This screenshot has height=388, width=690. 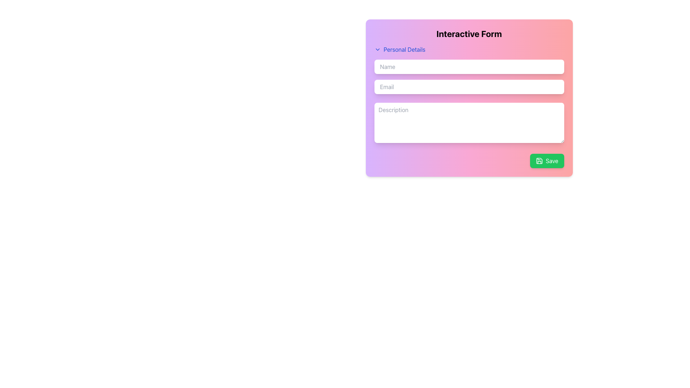 What do you see at coordinates (539, 160) in the screenshot?
I see `the save button icon, which is a green square with a floppy disk cut-out, positioned to the left of the 'Save' text at the bottom right of the form card` at bounding box center [539, 160].